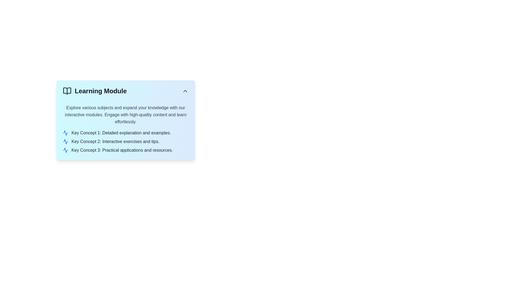 The image size is (520, 292). I want to click on the open book icon located at the top left of the 'Learning Module' card, so click(67, 91).